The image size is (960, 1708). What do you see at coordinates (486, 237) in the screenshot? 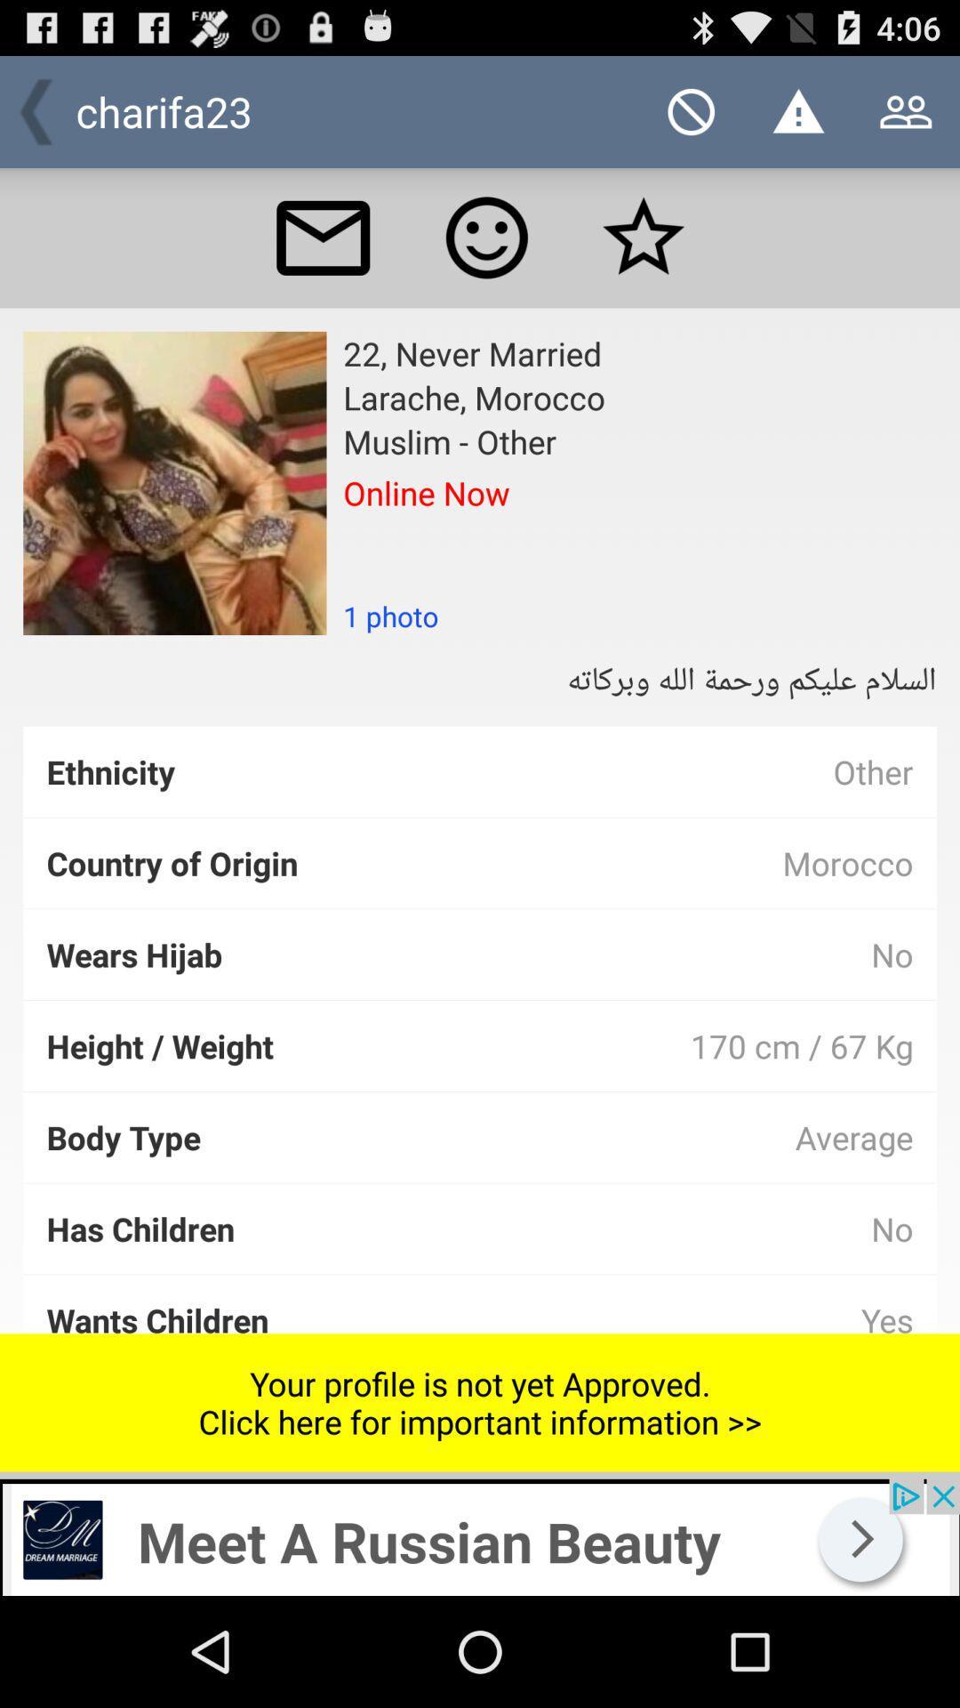
I see `feelings to profile` at bounding box center [486, 237].